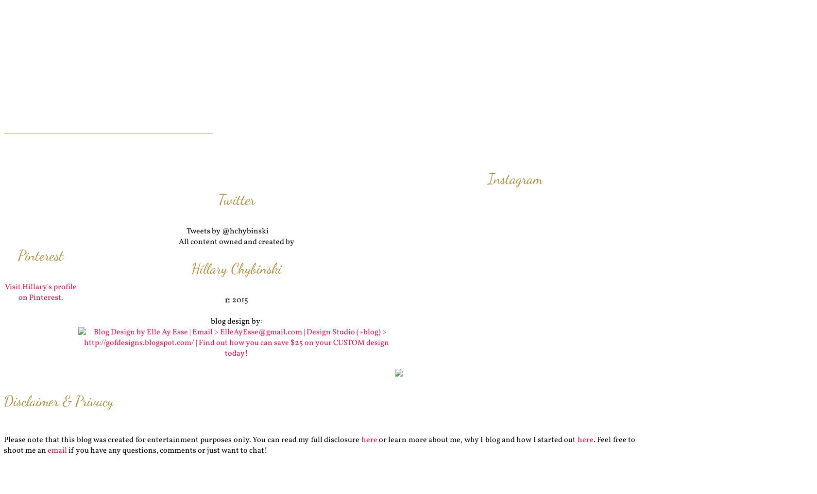 The width and height of the screenshot is (817, 494). I want to click on 'Instagram', so click(486, 179).